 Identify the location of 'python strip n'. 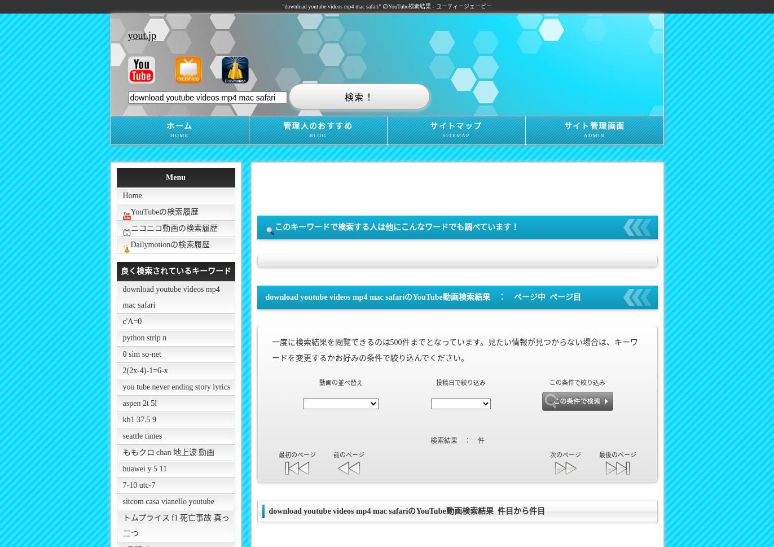
(144, 337).